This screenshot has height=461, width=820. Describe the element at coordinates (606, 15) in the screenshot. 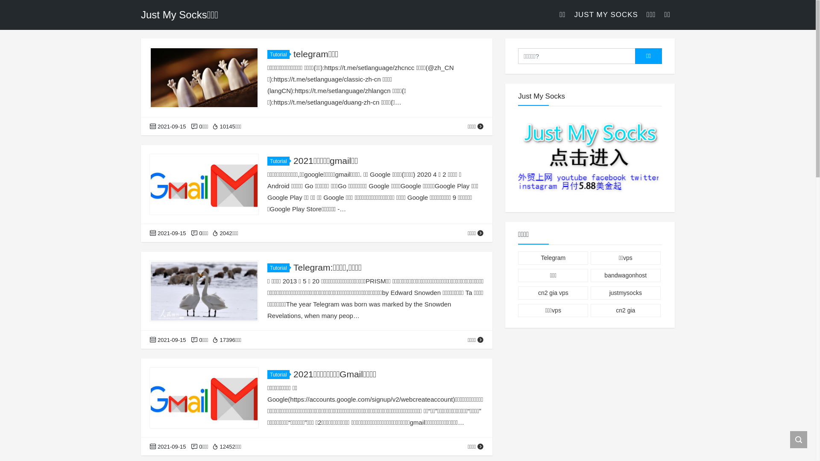

I see `'JUST MY SOCKS'` at that location.